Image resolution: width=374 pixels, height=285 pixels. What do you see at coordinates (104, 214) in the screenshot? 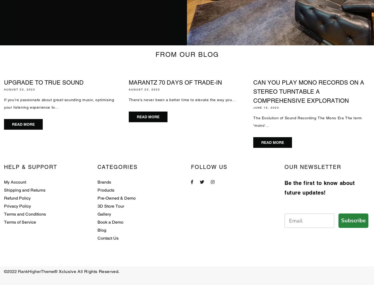
I see `'Gallery'` at bounding box center [104, 214].